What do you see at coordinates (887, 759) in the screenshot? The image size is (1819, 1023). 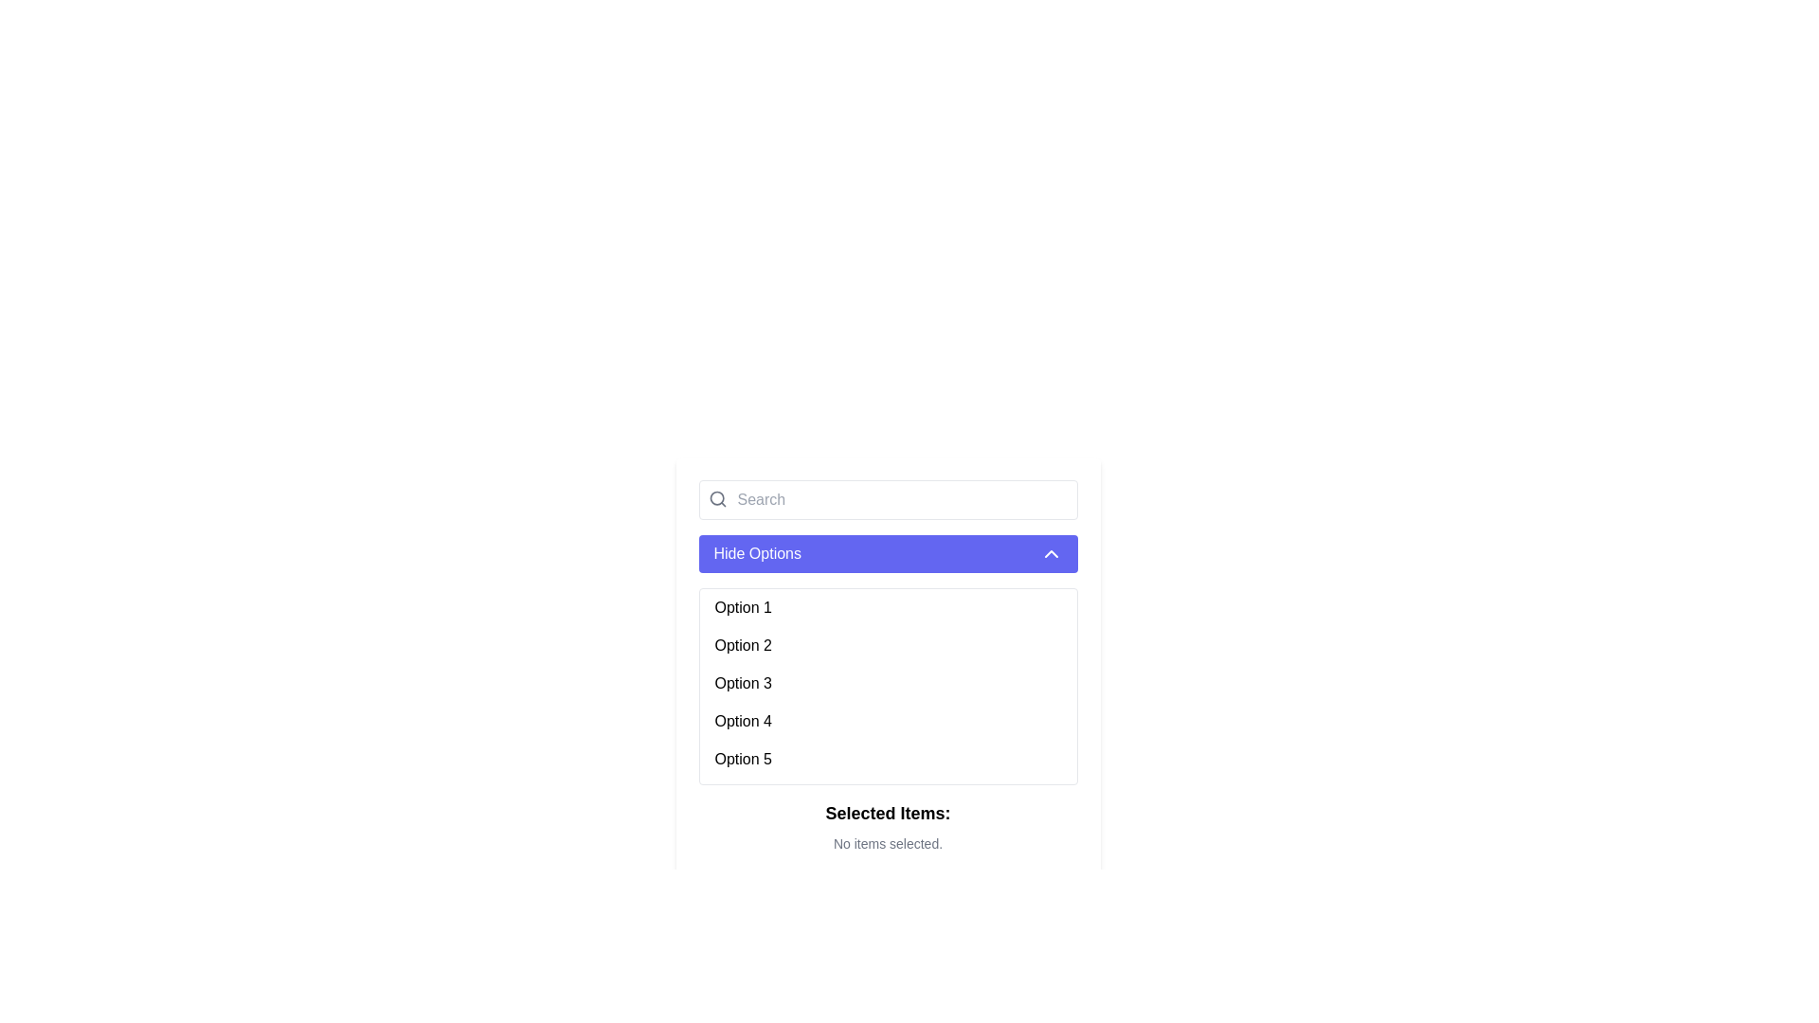 I see `the list item labeled 'Option 5'` at bounding box center [887, 759].